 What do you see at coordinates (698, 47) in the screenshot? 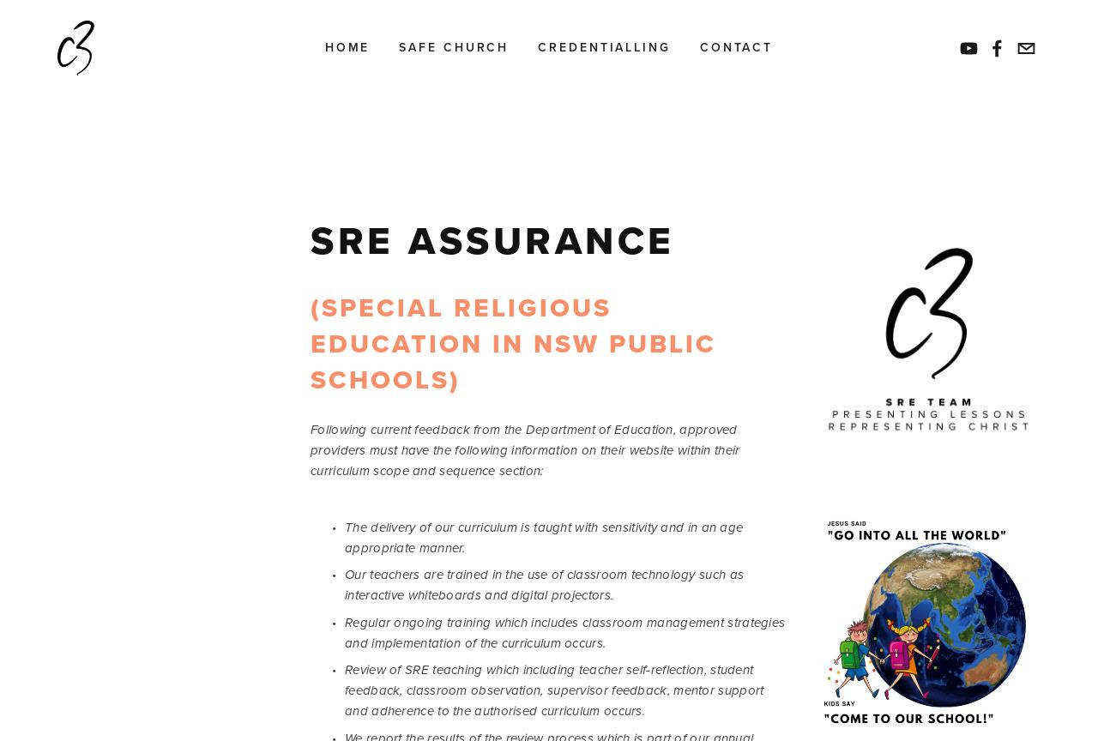
I see `'Contact'` at bounding box center [698, 47].